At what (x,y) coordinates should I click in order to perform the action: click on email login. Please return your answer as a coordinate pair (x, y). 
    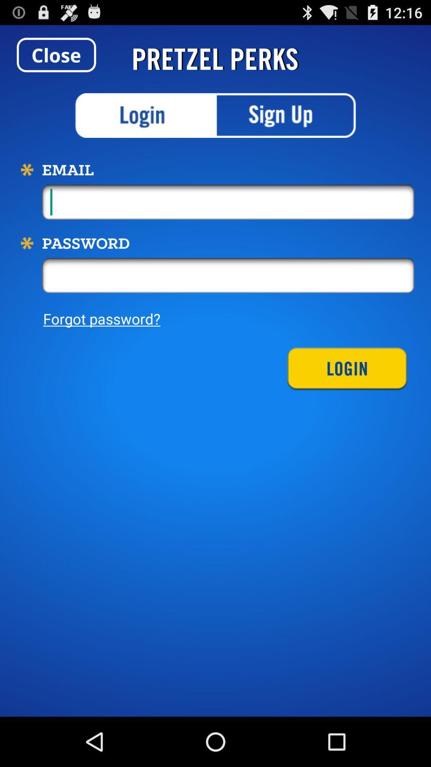
    Looking at the image, I should click on (145, 115).